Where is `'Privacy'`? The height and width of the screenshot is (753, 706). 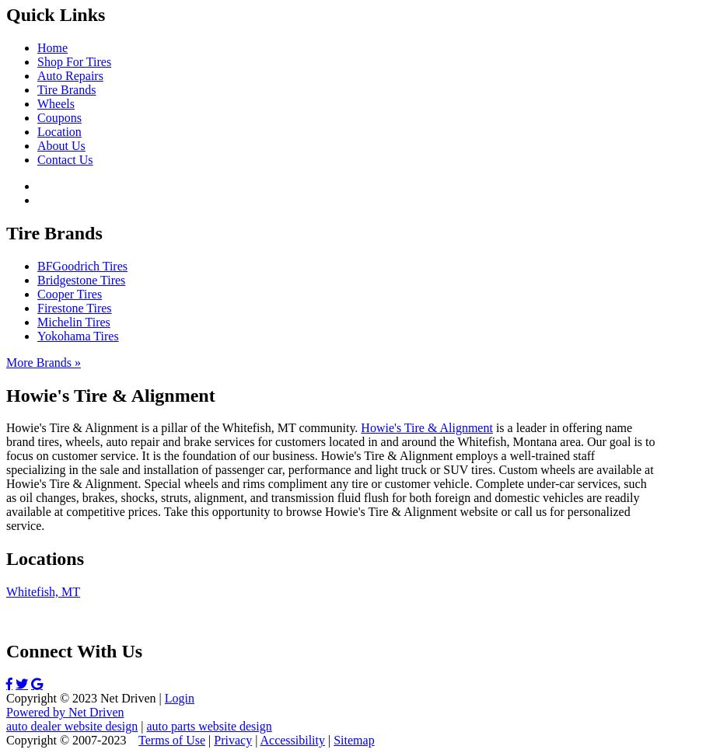 'Privacy' is located at coordinates (214, 739).